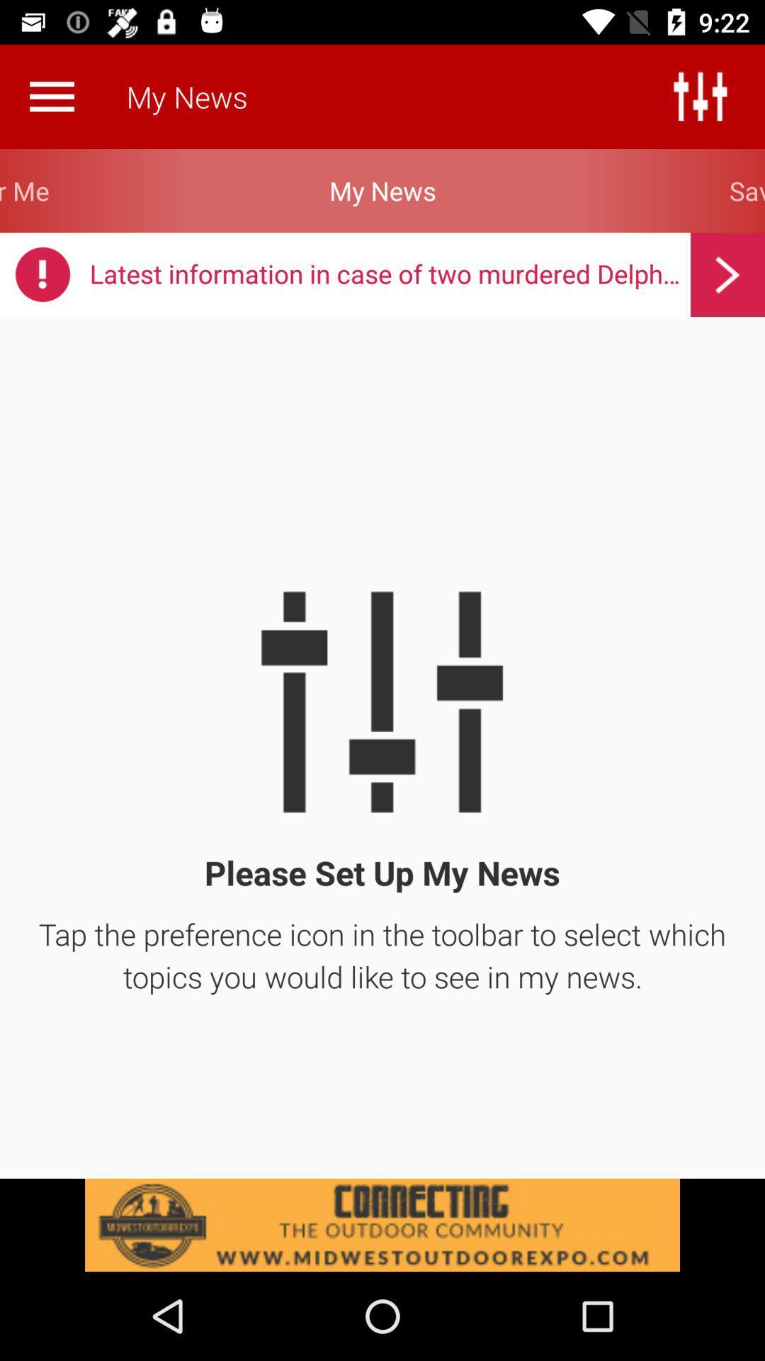  I want to click on the menu icon, so click(51, 96).